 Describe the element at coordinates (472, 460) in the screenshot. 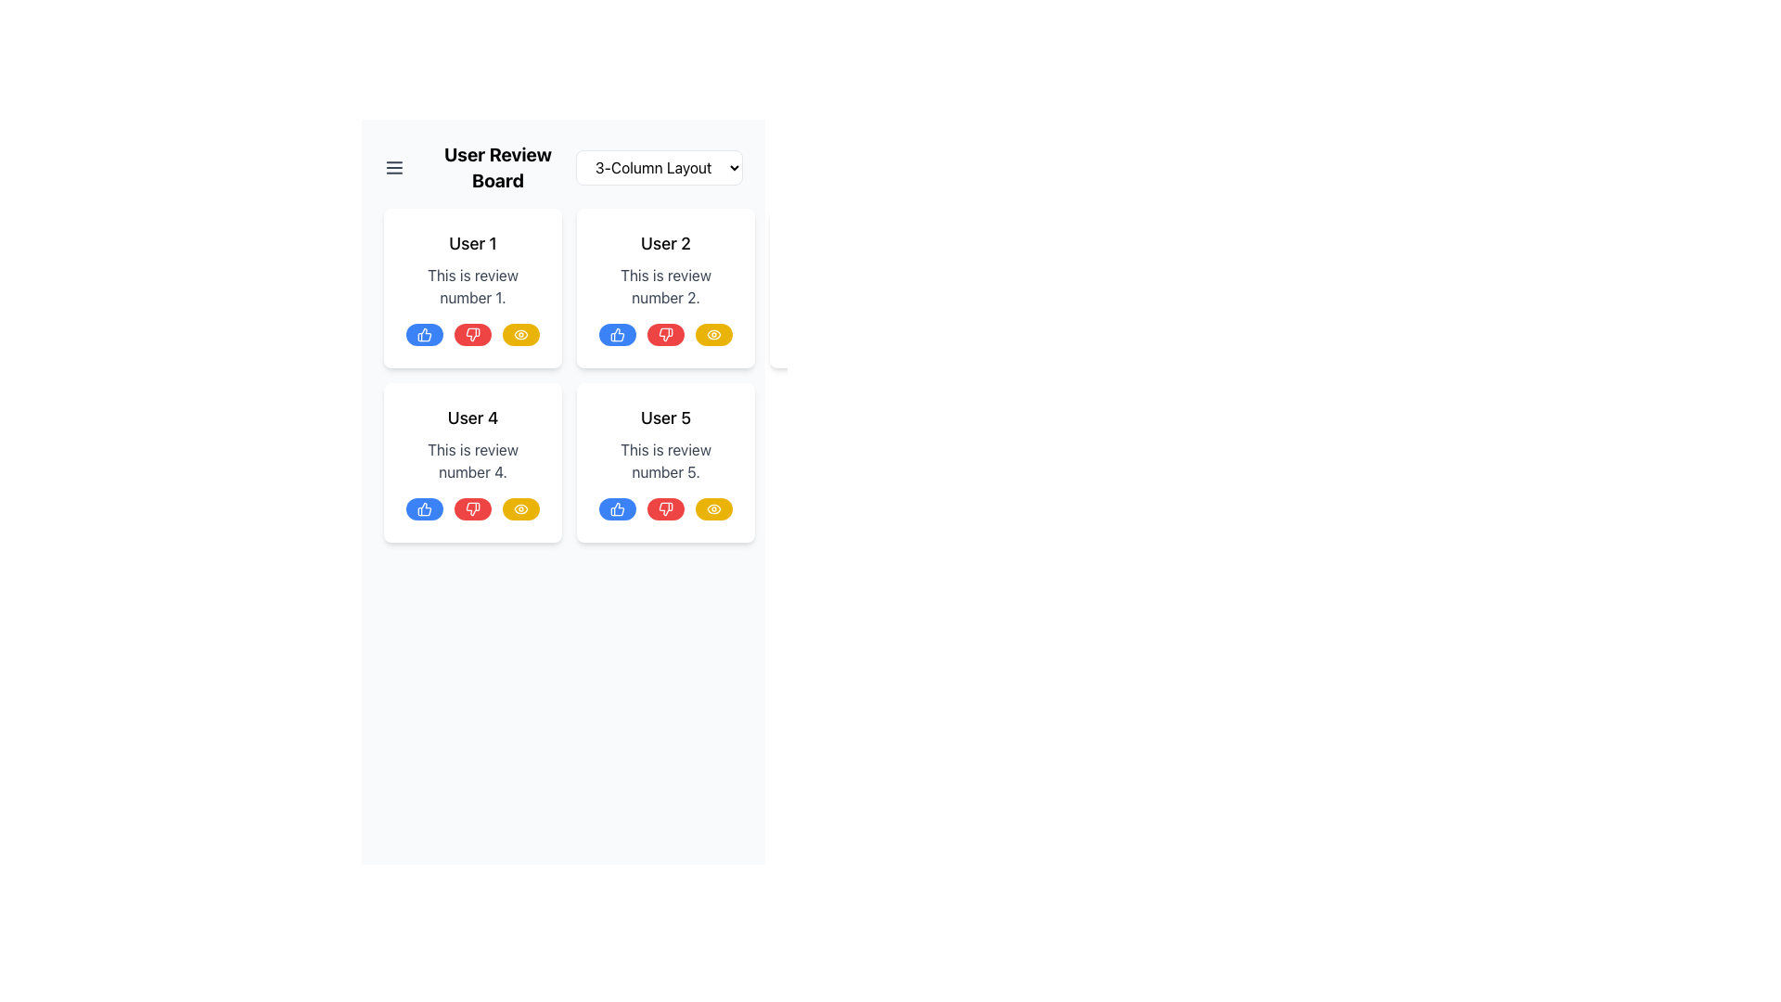

I see `the text label displaying 'This is review number 4.' located in the 'User 4' card, positioned under the 'User 4' title` at that location.